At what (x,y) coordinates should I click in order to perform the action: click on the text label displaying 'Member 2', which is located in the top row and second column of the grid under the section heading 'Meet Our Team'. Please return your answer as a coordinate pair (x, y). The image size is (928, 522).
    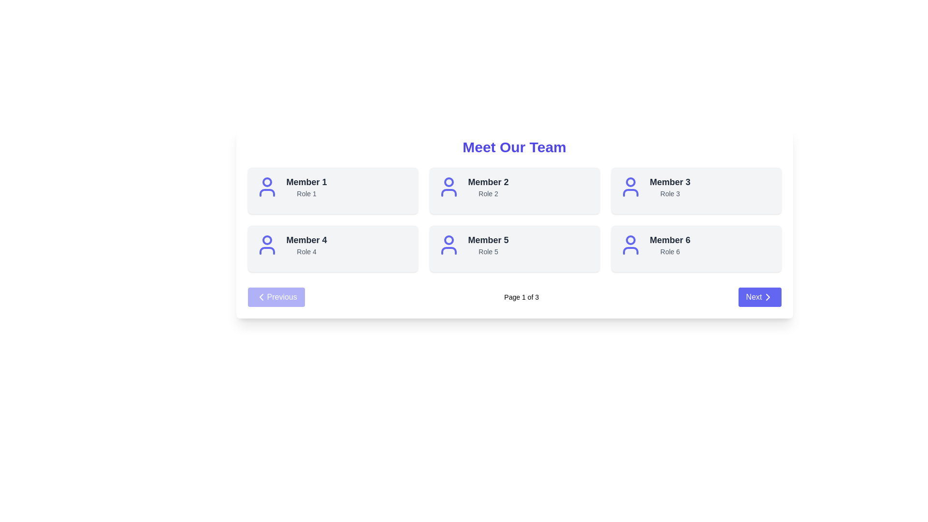
    Looking at the image, I should click on (488, 182).